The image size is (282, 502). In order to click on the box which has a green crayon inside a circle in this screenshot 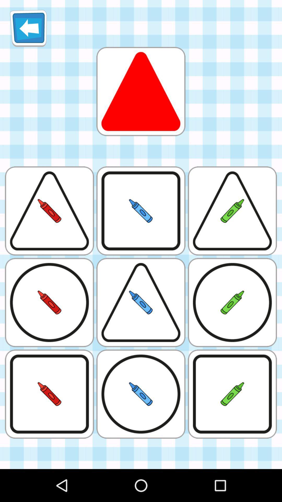, I will do `click(232, 302)`.